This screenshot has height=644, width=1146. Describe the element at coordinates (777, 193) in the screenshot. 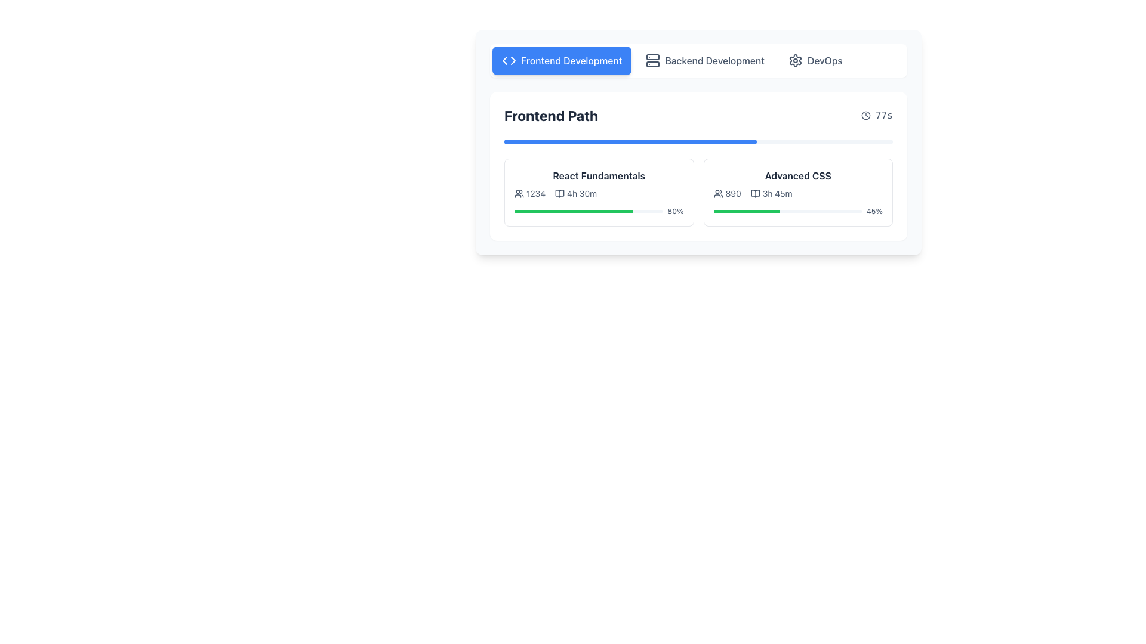

I see `the text label that displays the total duration time for the 'Advanced CSS' course, located to the right of an open book icon` at that location.